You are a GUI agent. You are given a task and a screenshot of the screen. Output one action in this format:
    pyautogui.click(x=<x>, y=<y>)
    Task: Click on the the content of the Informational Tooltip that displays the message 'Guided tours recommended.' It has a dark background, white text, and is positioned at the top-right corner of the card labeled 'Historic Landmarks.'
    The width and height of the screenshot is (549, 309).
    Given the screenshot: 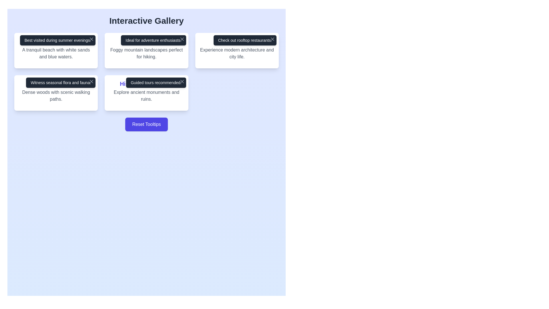 What is the action you would take?
    pyautogui.click(x=156, y=83)
    